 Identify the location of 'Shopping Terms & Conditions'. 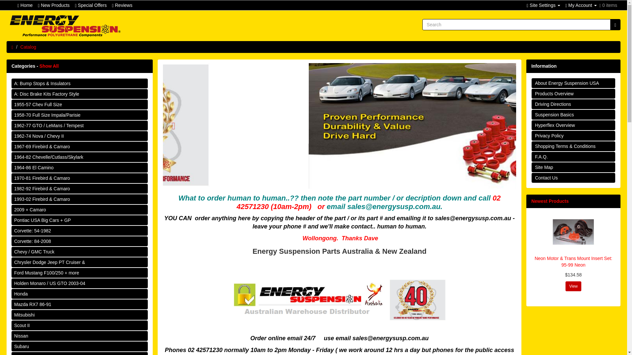
(573, 146).